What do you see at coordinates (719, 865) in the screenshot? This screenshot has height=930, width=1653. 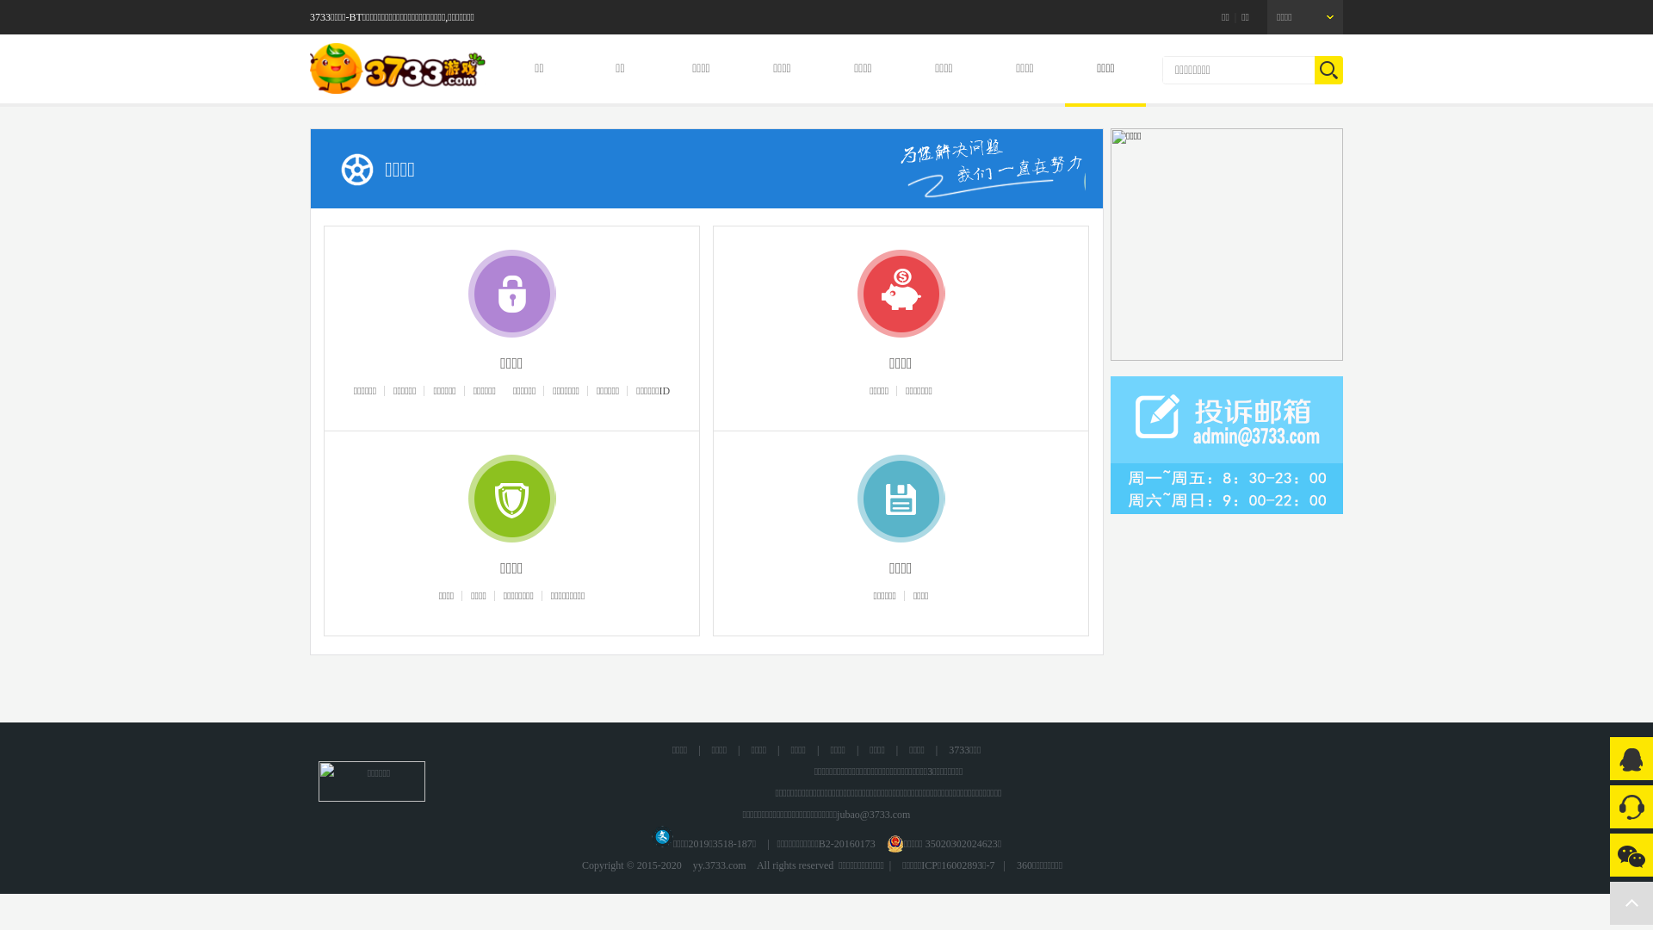 I see `'yy.3733.com'` at bounding box center [719, 865].